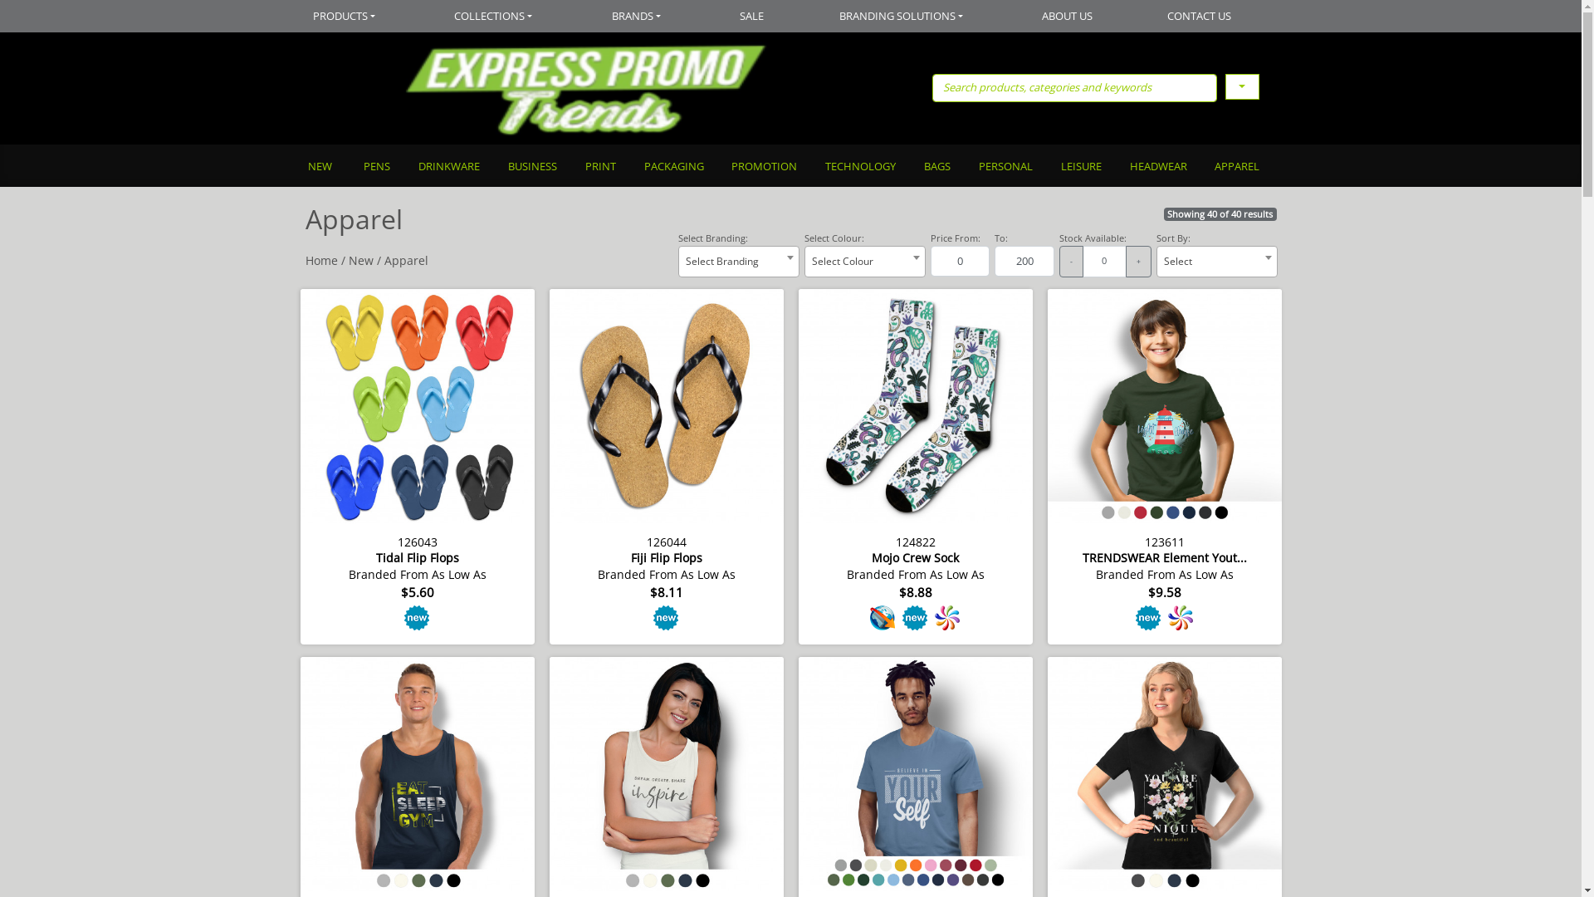 The height and width of the screenshot is (897, 1594). I want to click on 'NEW', so click(327, 167).